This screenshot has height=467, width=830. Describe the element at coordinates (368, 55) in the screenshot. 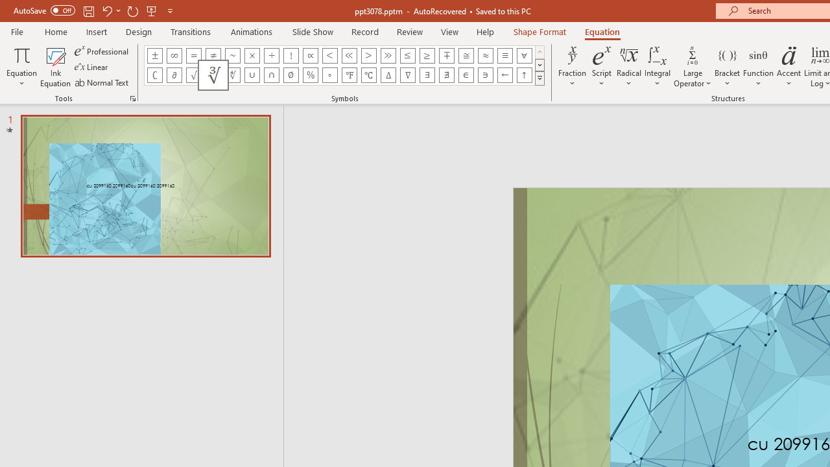

I see `'Equation Symbol Greater Than'` at that location.